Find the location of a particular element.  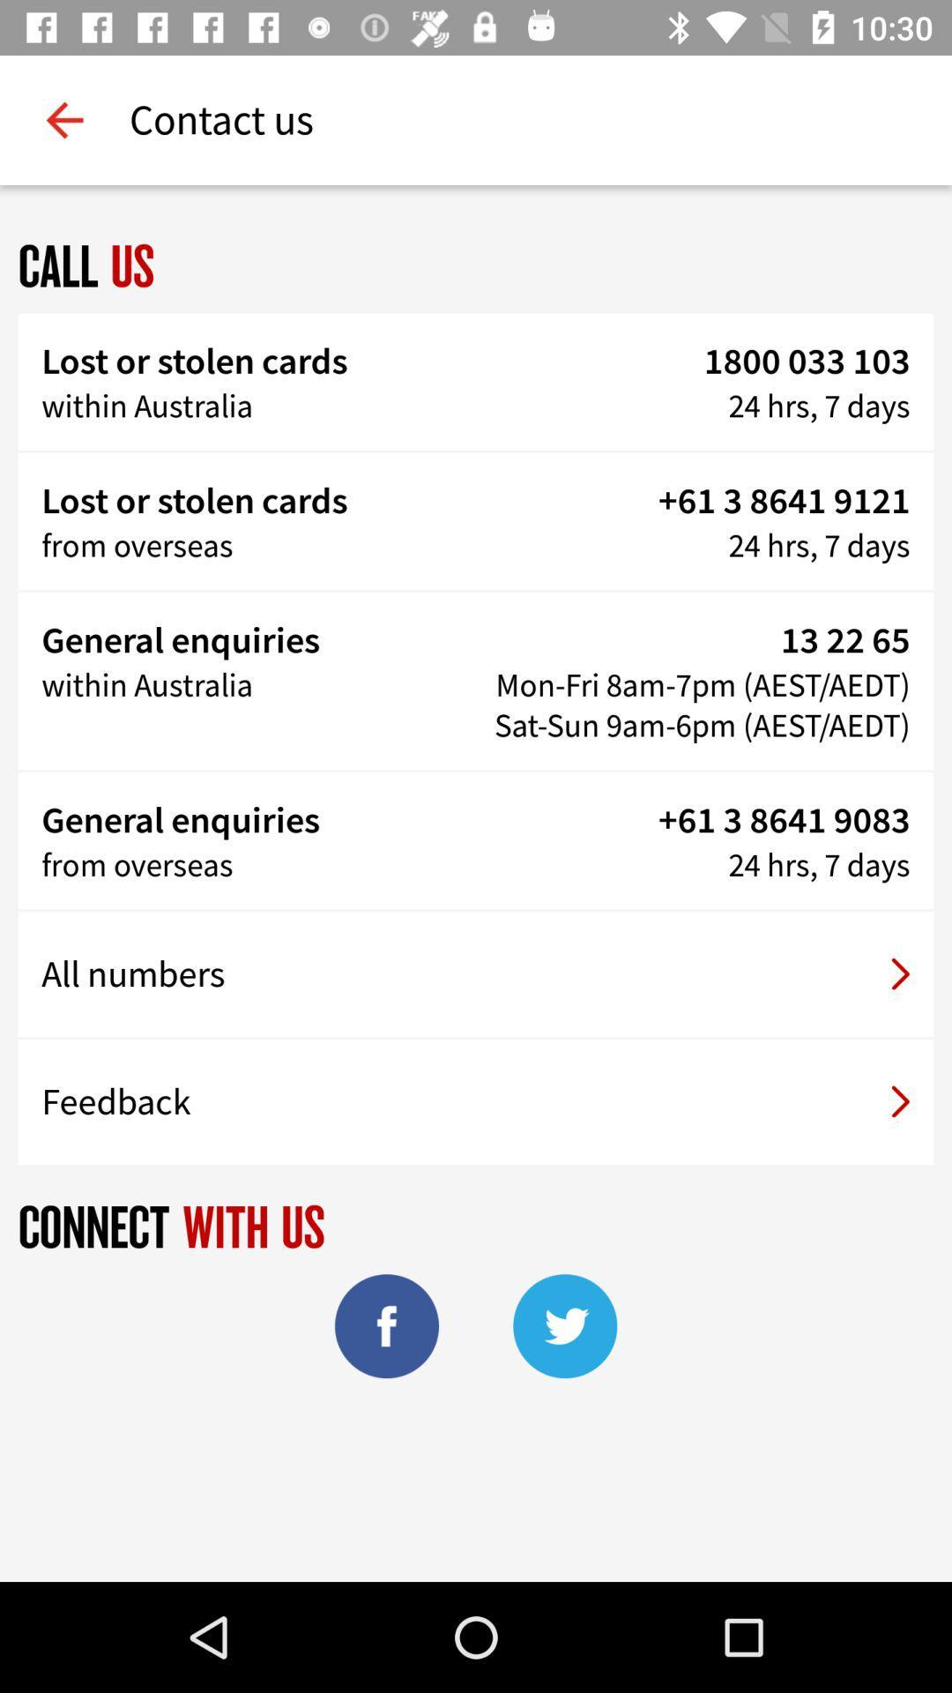

the icon below the all numbers item is located at coordinates (476, 1100).